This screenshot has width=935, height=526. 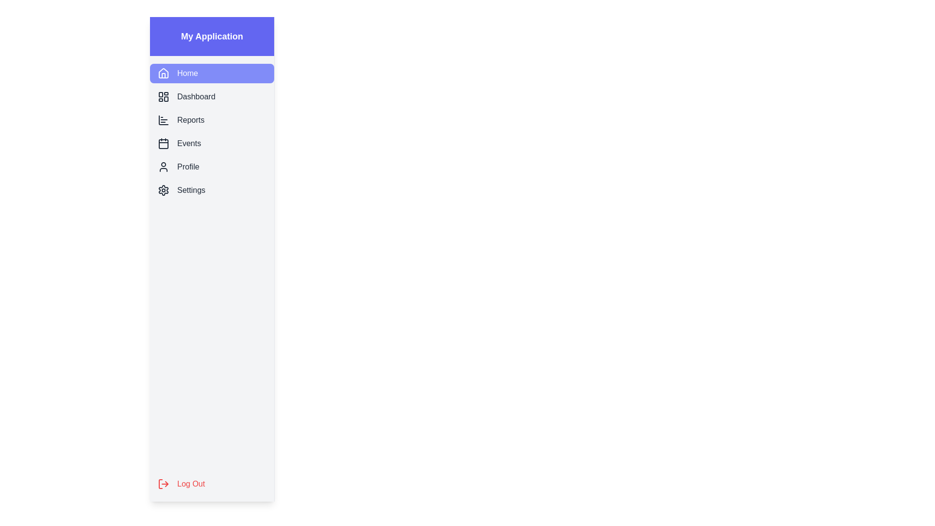 What do you see at coordinates (161, 94) in the screenshot?
I see `the top-left rectangular block of the Dashboard icon in the sidebar, which is styled with rounded corners and part of a minimalistic flat design` at bounding box center [161, 94].